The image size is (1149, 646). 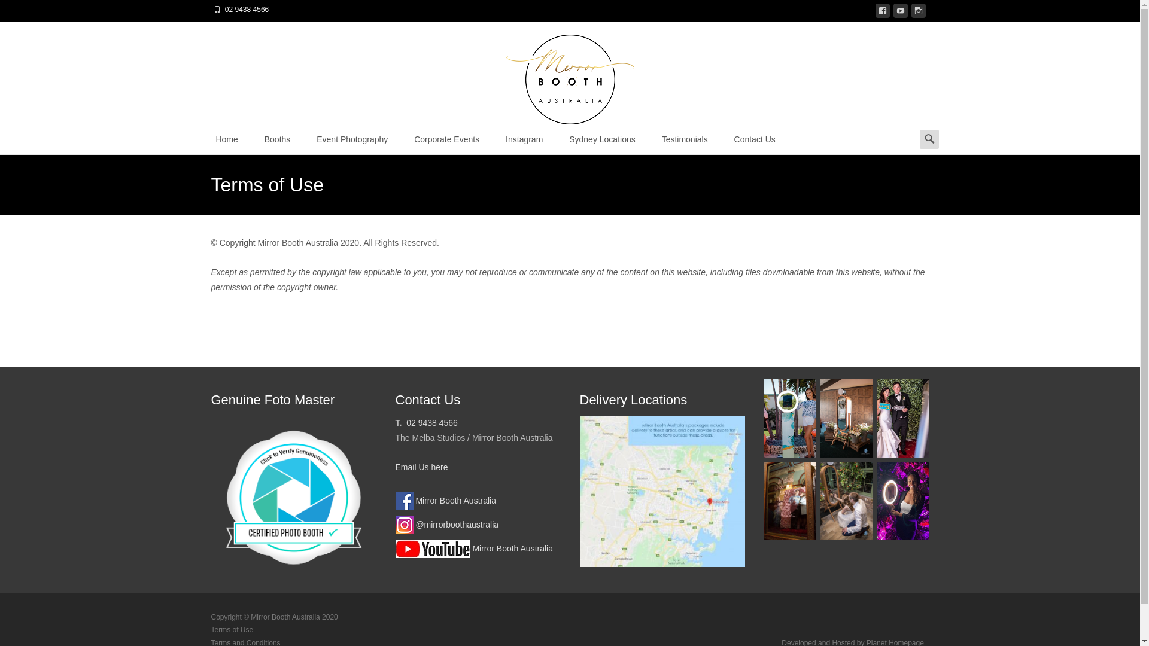 What do you see at coordinates (293, 496) in the screenshot?
I see `'Click to verify genuineness'` at bounding box center [293, 496].